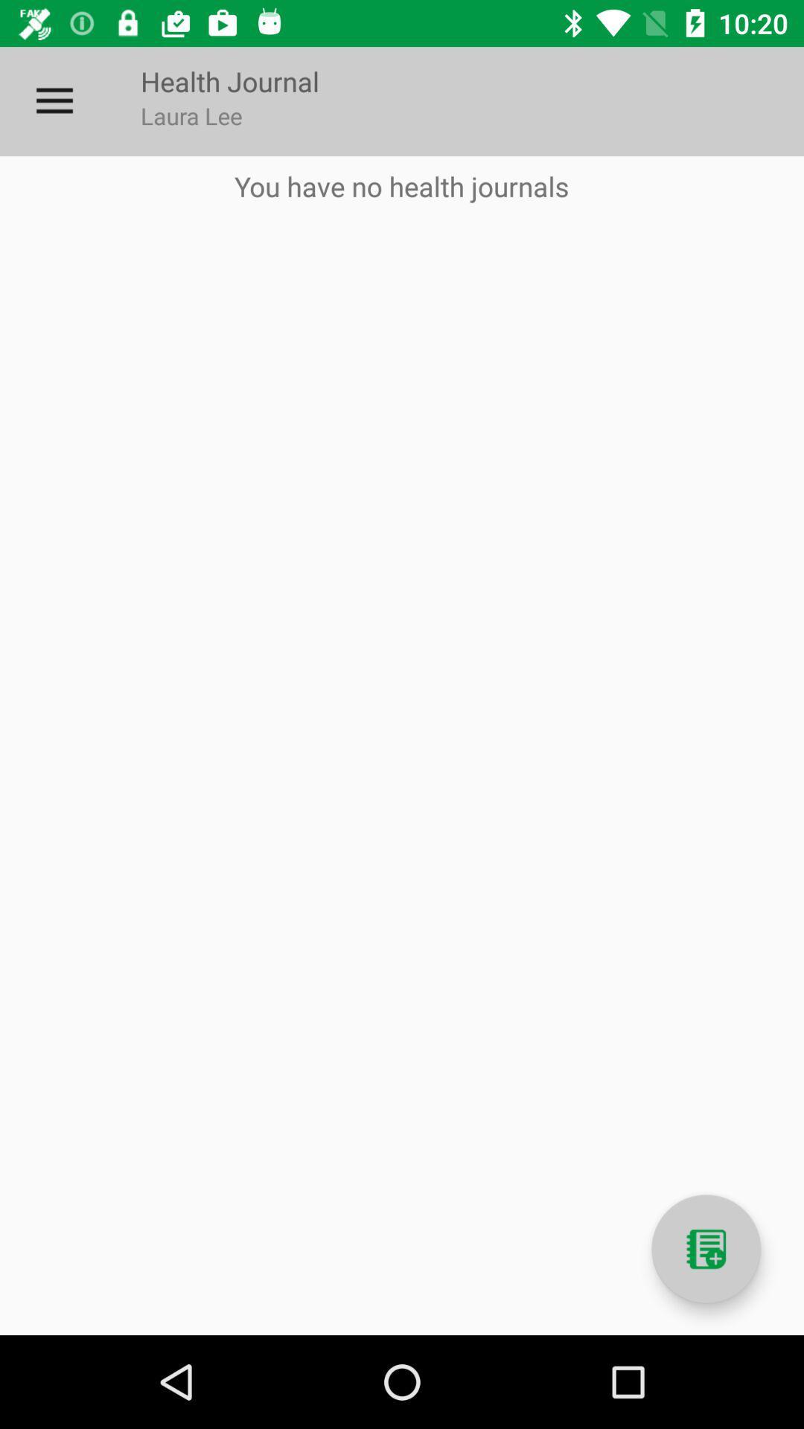 This screenshot has width=804, height=1429. Describe the element at coordinates (705, 1249) in the screenshot. I see `new journal` at that location.